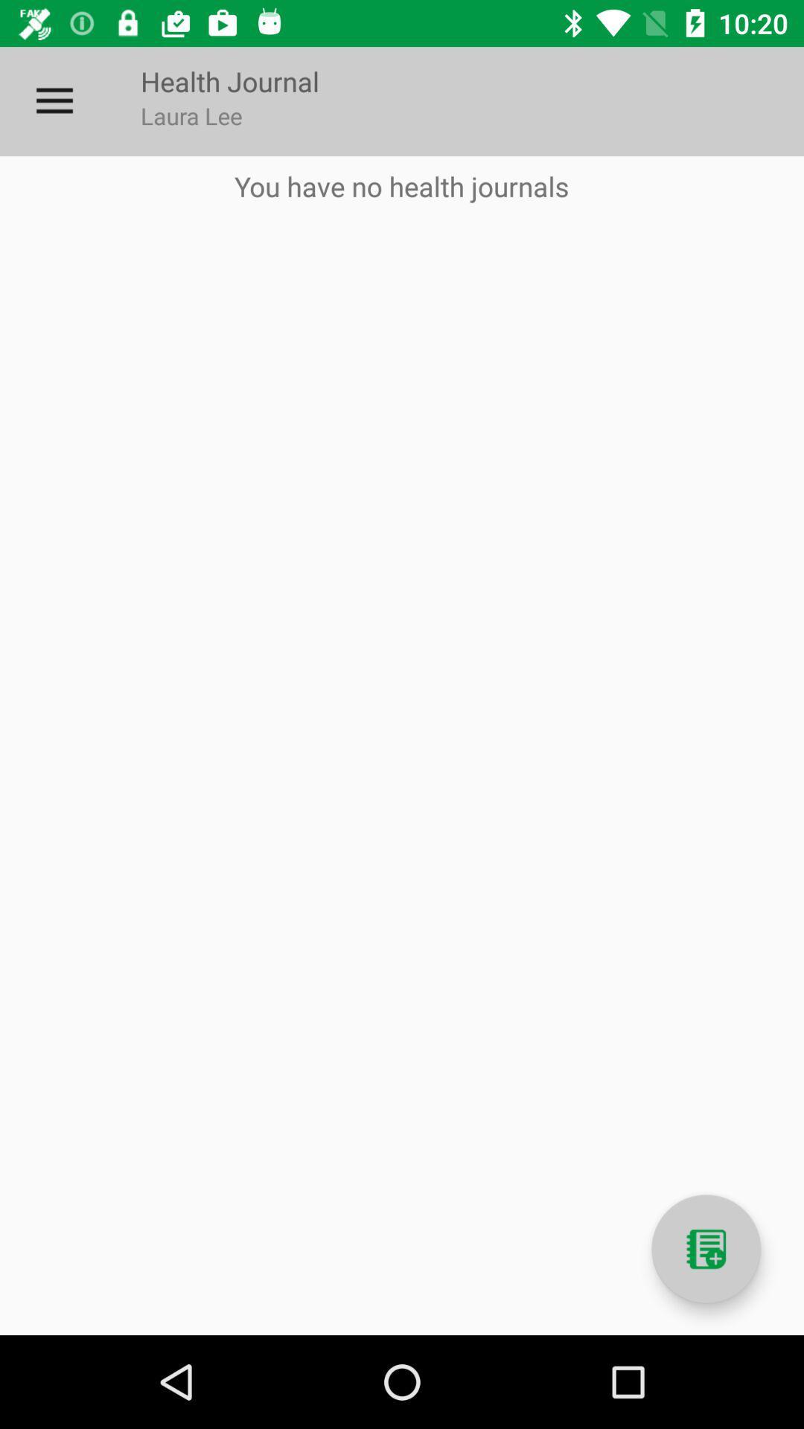 This screenshot has width=804, height=1429. Describe the element at coordinates (705, 1249) in the screenshot. I see `new journal` at that location.